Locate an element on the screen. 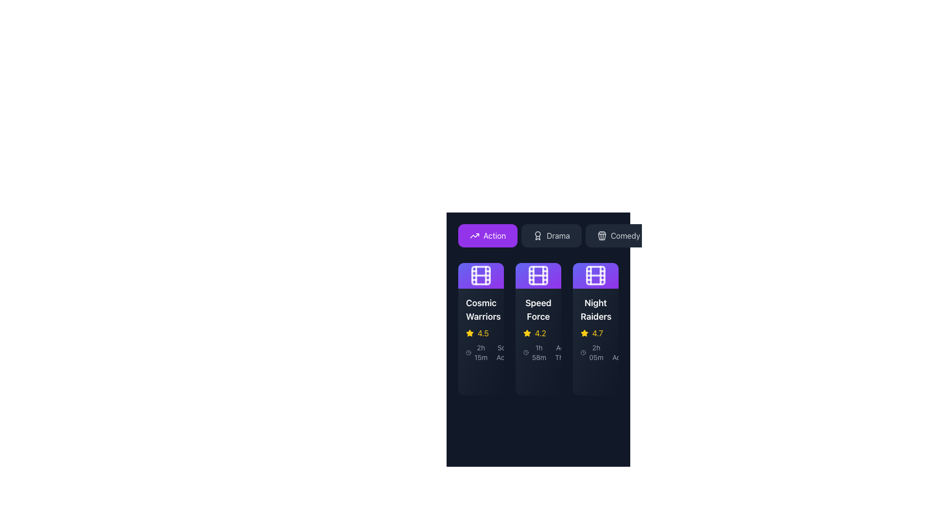  text label displaying the title 'Night Raiders', which is styled in bold white text and positioned at the top of the third movie card from the left is located at coordinates (595, 309).